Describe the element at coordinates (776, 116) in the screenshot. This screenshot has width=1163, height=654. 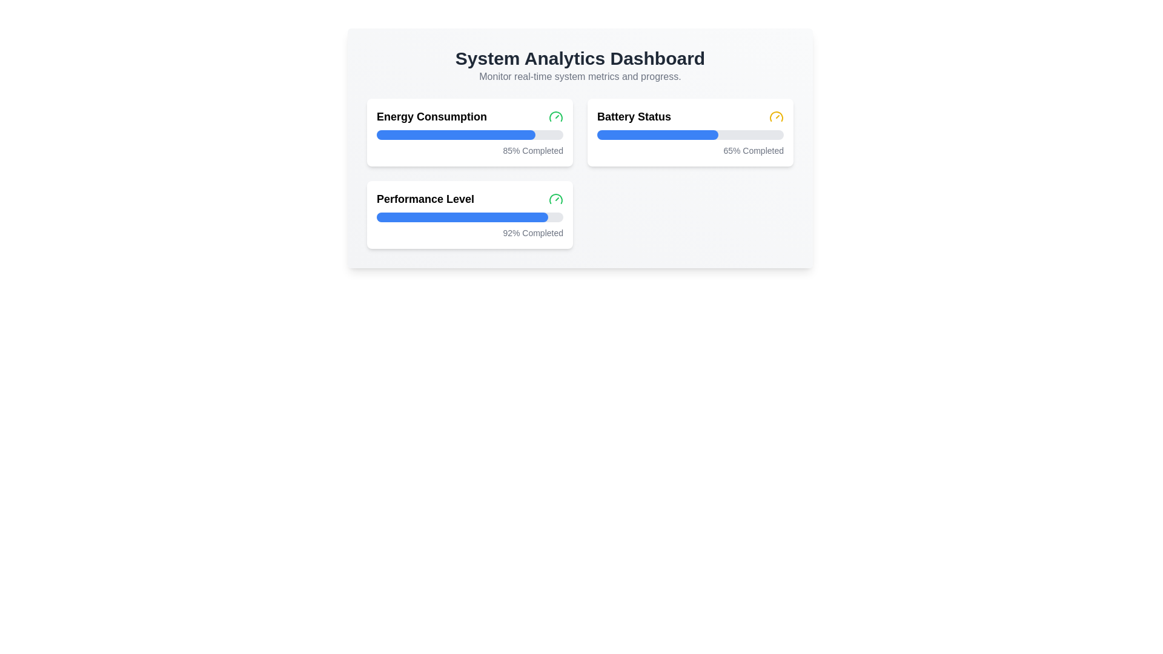
I see `the small graphical icon resembling a gauge or dial indicator with a yellow outline located in the top-right corner of the 'Battery Status' card, adjacent to the progress bar` at that location.